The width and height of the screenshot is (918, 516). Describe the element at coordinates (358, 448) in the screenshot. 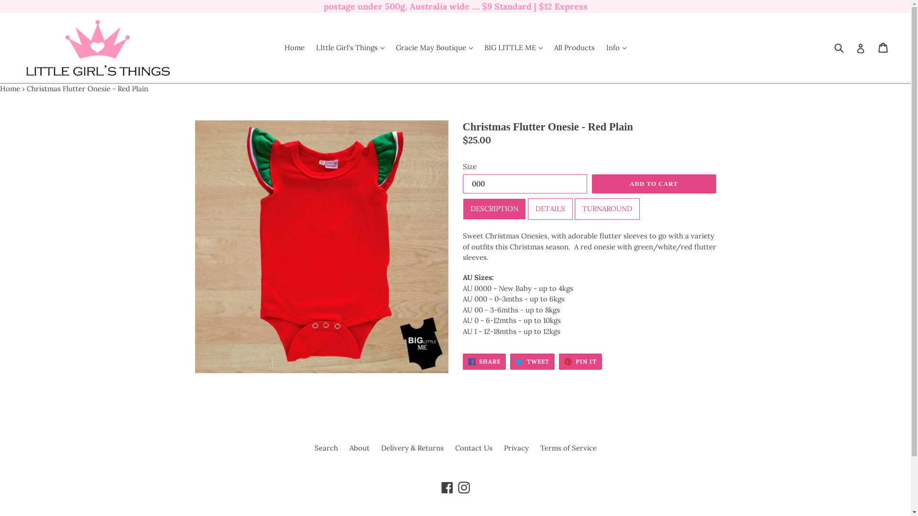

I see `'About'` at that location.